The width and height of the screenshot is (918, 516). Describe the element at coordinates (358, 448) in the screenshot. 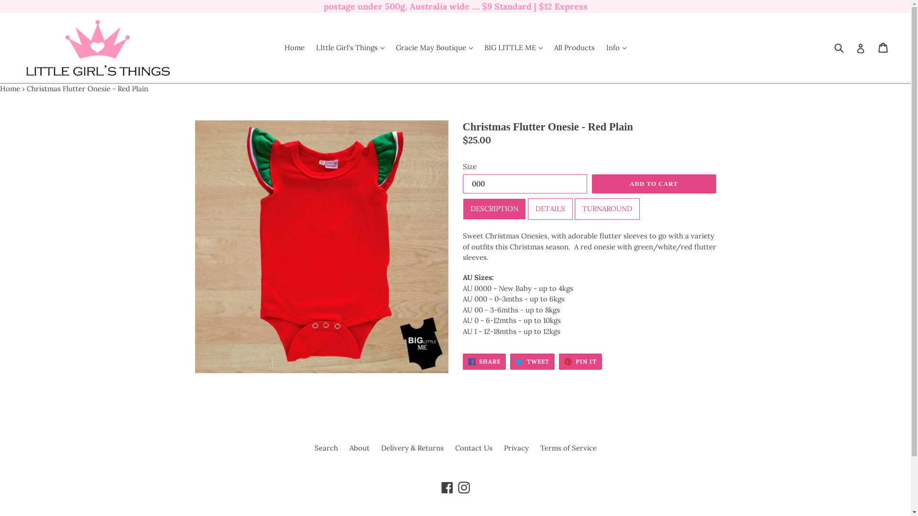

I see `'About'` at that location.